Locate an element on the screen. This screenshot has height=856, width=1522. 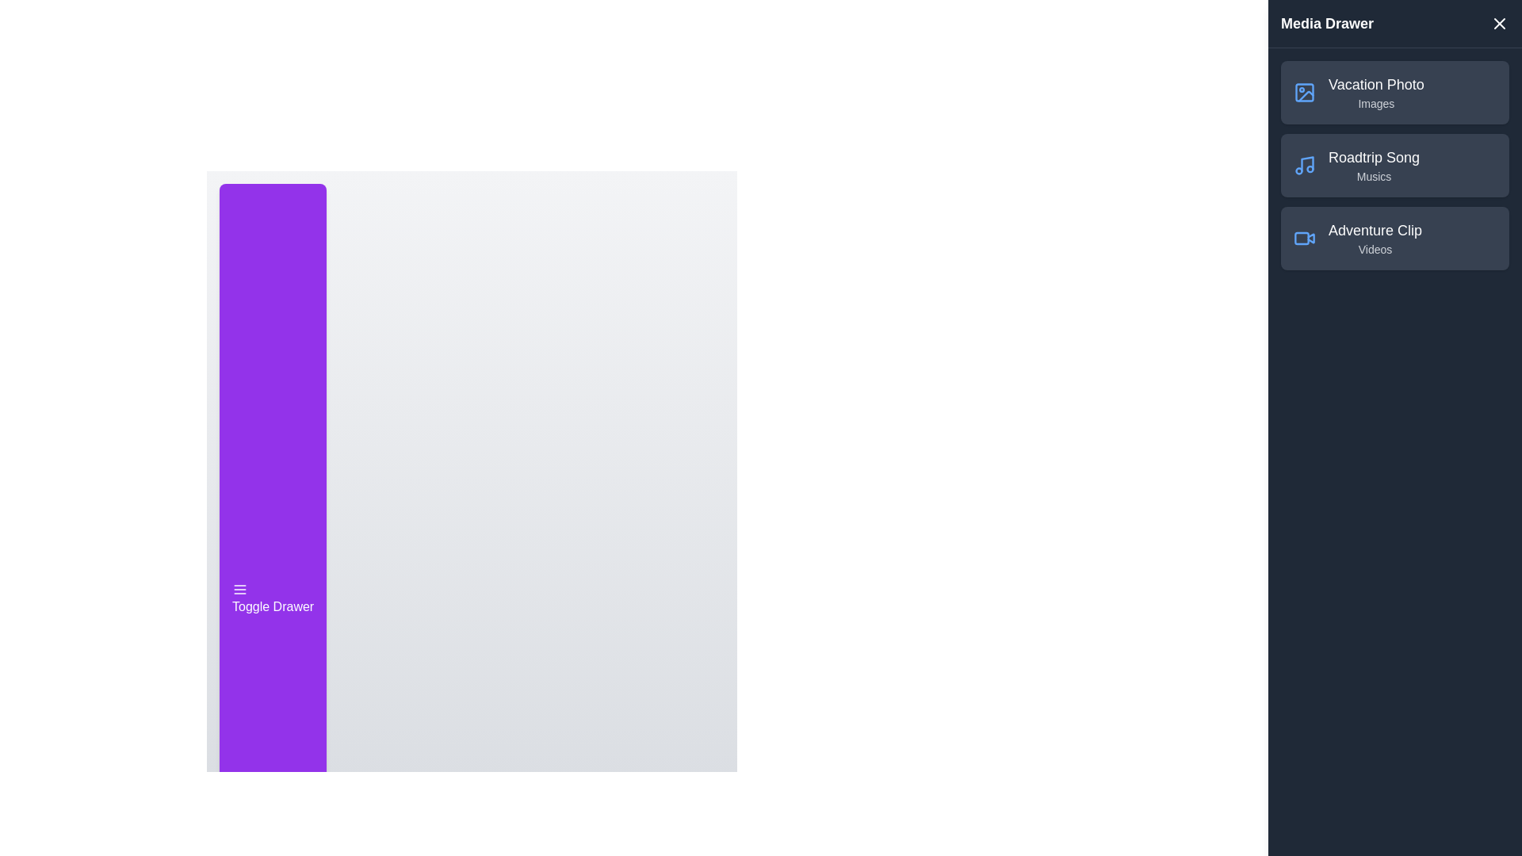
the close button in the top-right corner of the drawer is located at coordinates (1498, 24).